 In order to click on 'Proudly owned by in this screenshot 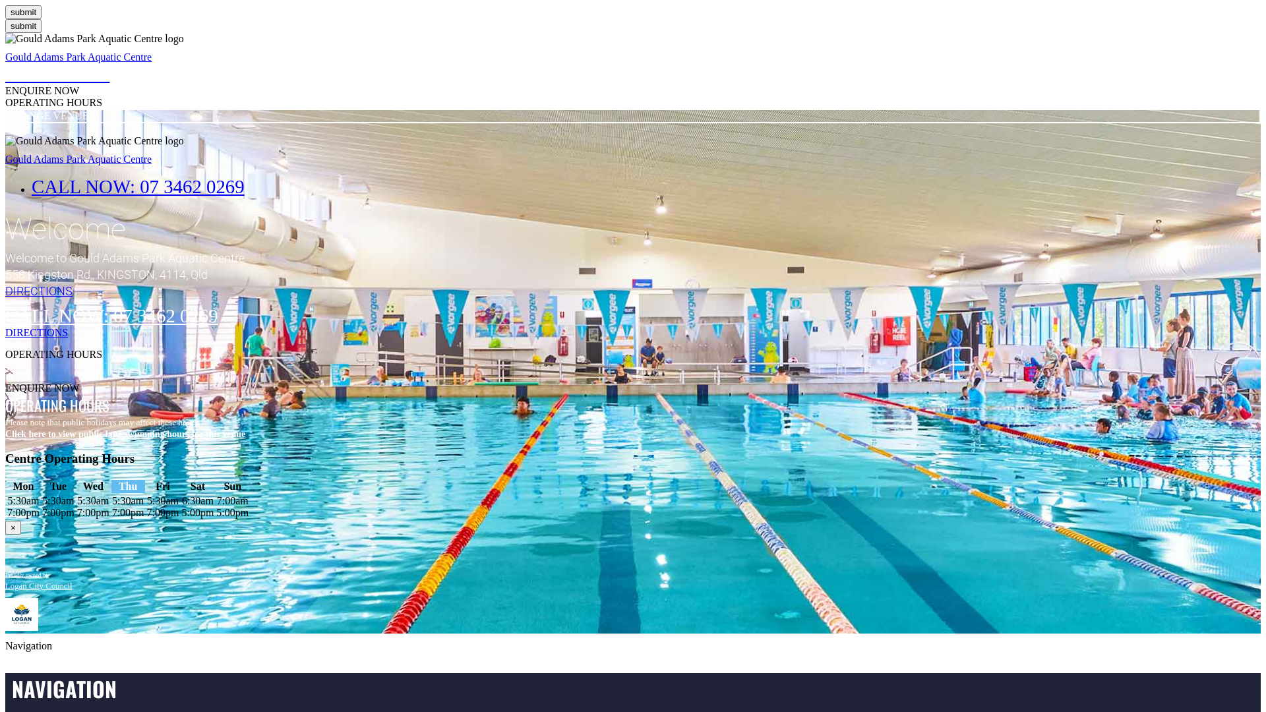, I will do `click(38, 579)`.